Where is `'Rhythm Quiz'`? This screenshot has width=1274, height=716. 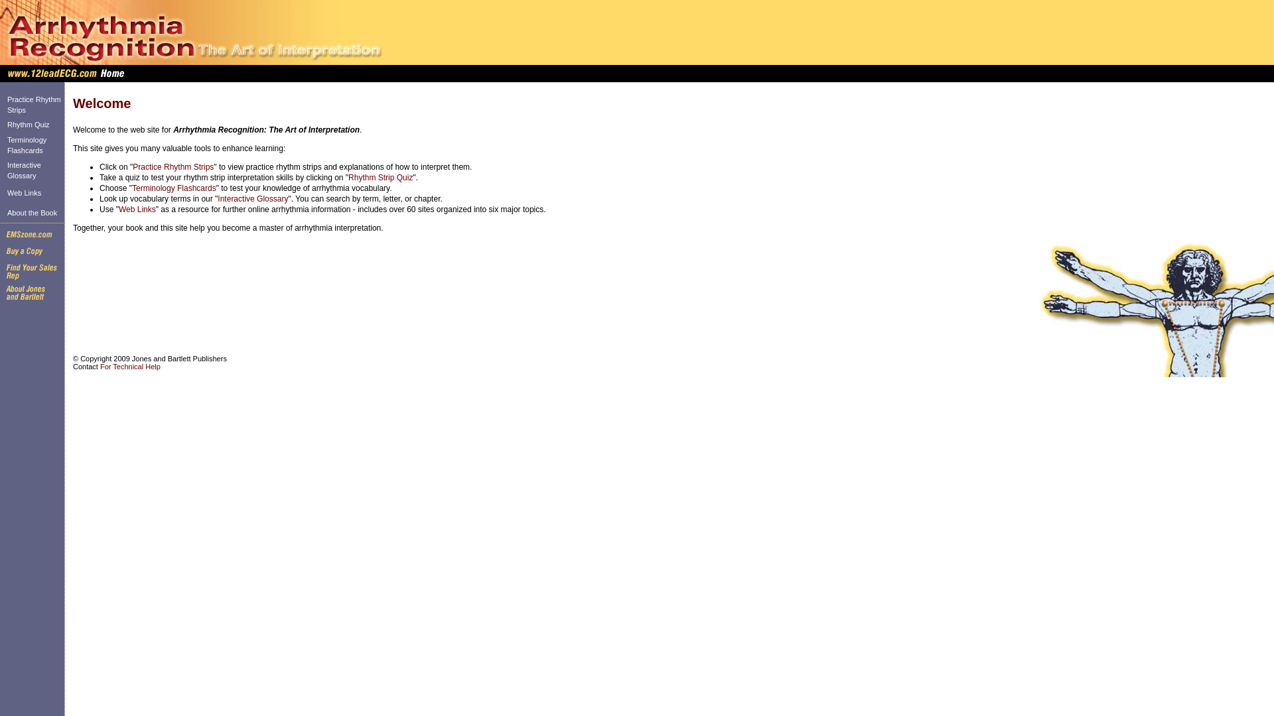
'Rhythm Quiz' is located at coordinates (7, 125).